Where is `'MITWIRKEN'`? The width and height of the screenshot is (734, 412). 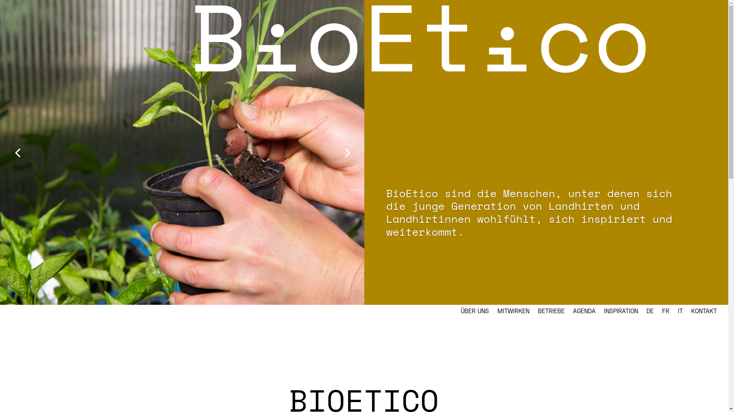
'MITWIRKEN' is located at coordinates (497, 312).